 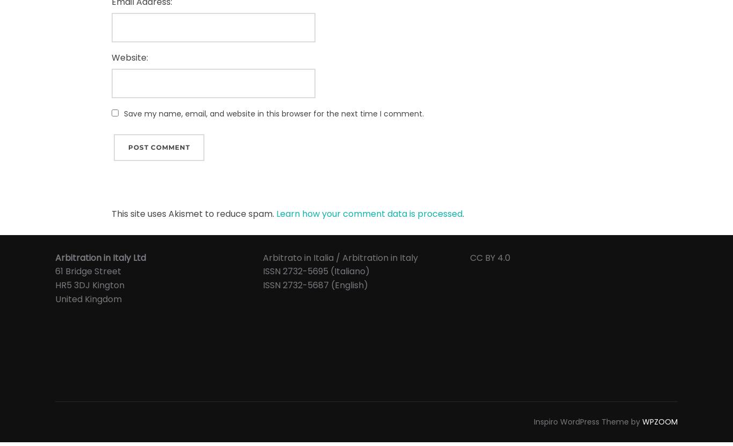 What do you see at coordinates (463, 214) in the screenshot?
I see `'.'` at bounding box center [463, 214].